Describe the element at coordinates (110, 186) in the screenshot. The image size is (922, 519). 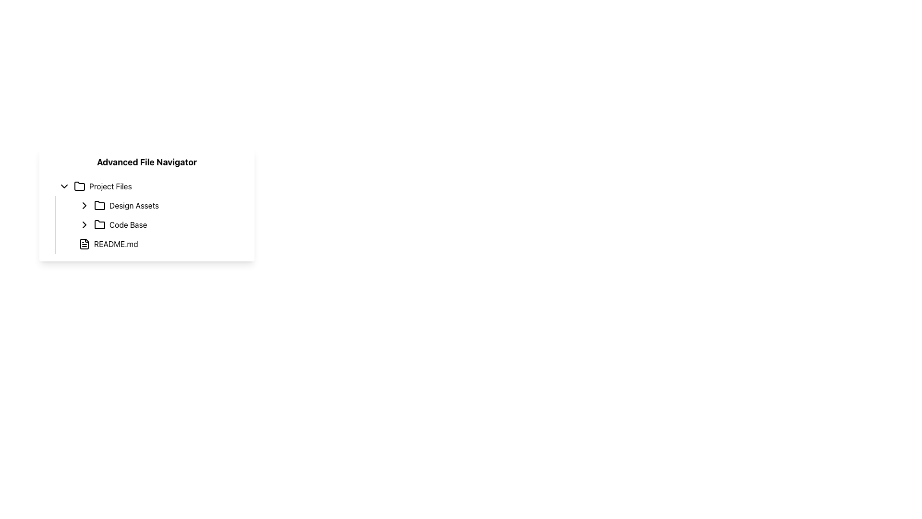
I see `text label identifying the folder as 'Project Files' located in the file navigation interface, positioned to the right of the folder icon` at that location.